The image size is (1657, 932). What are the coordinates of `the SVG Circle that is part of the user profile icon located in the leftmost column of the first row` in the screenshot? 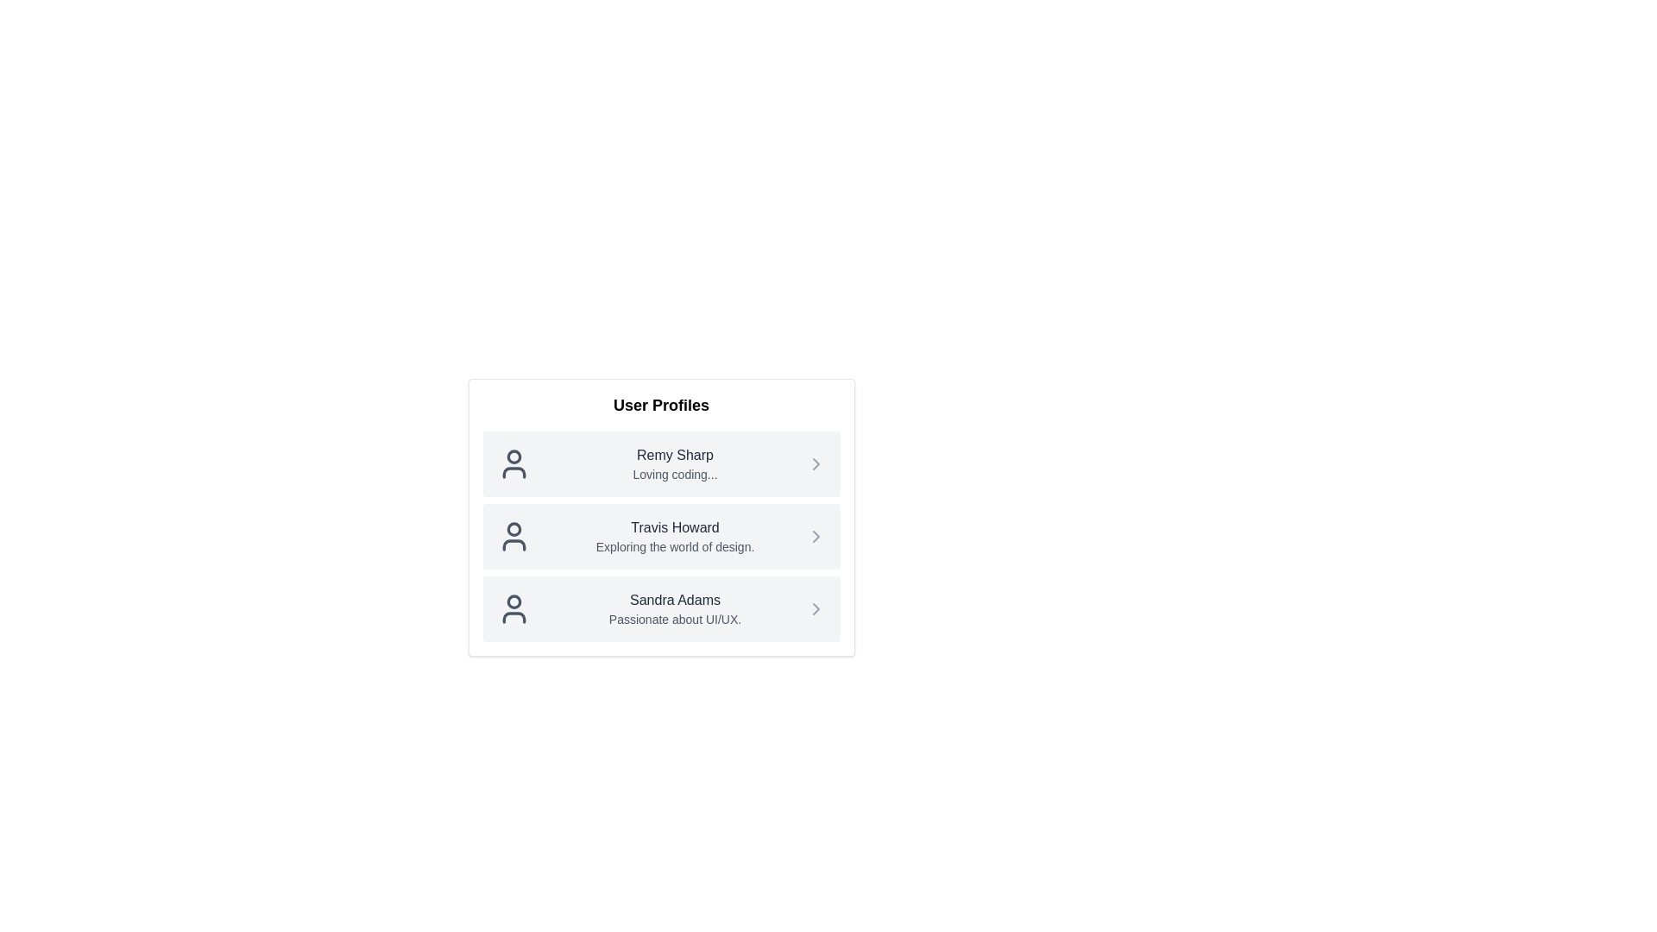 It's located at (513, 456).